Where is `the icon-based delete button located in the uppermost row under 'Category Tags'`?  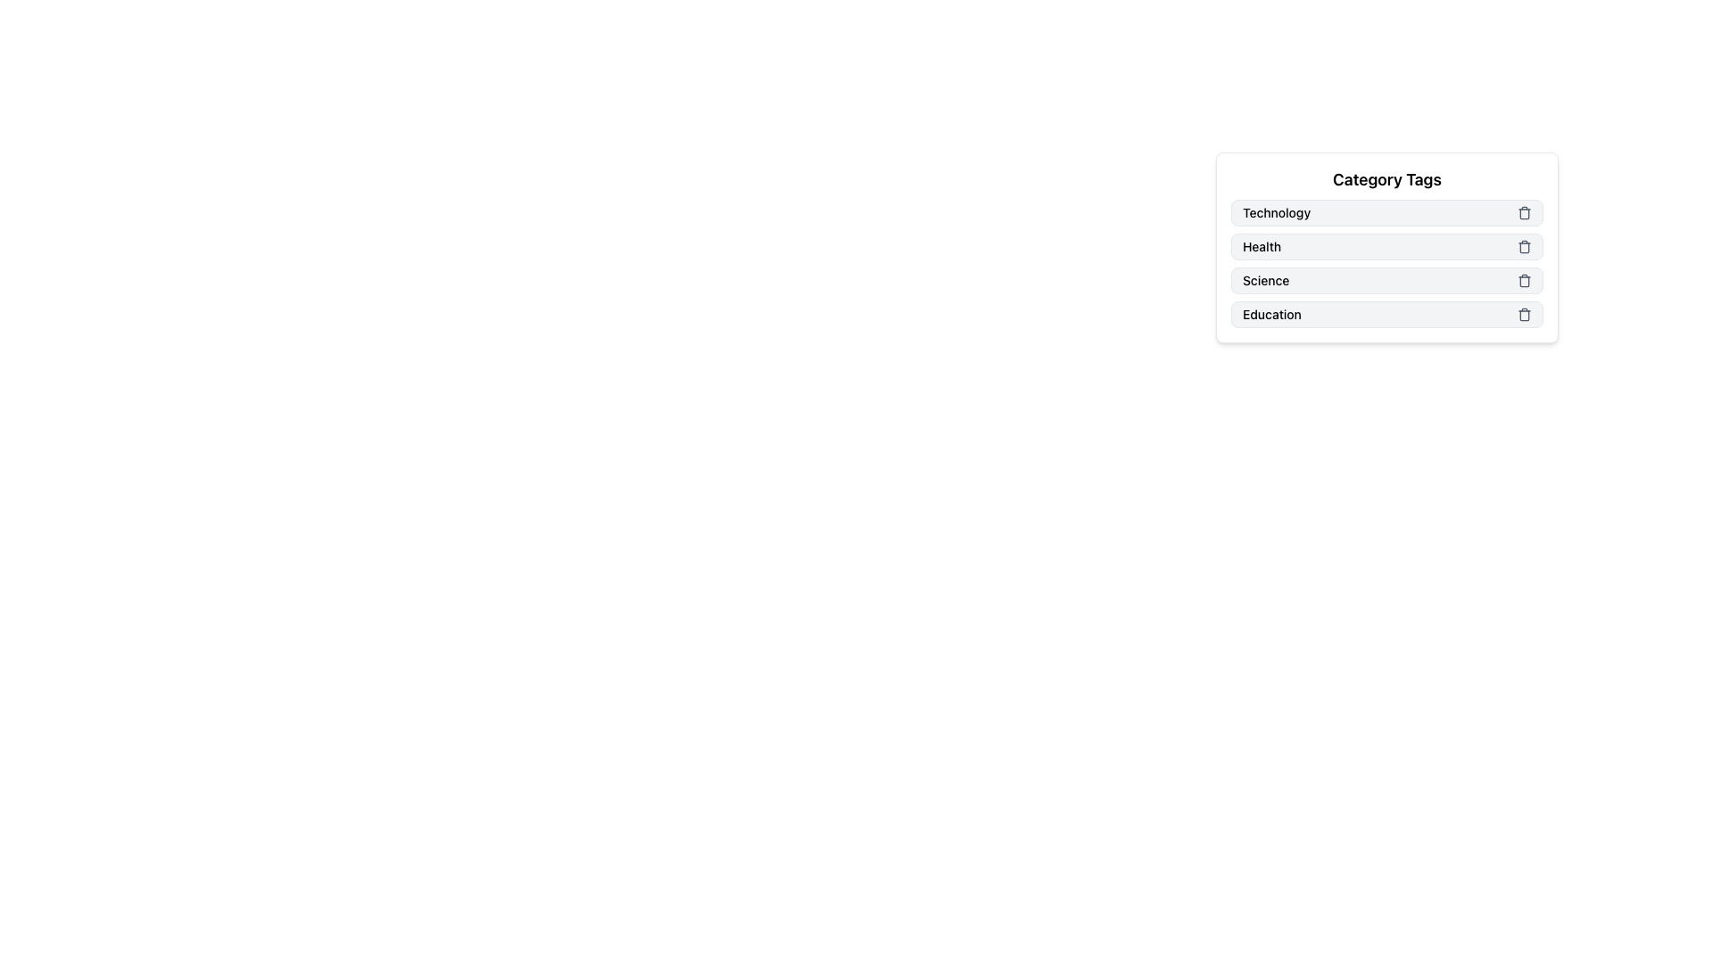
the icon-based delete button located in the uppermost row under 'Category Tags' is located at coordinates (1523, 212).